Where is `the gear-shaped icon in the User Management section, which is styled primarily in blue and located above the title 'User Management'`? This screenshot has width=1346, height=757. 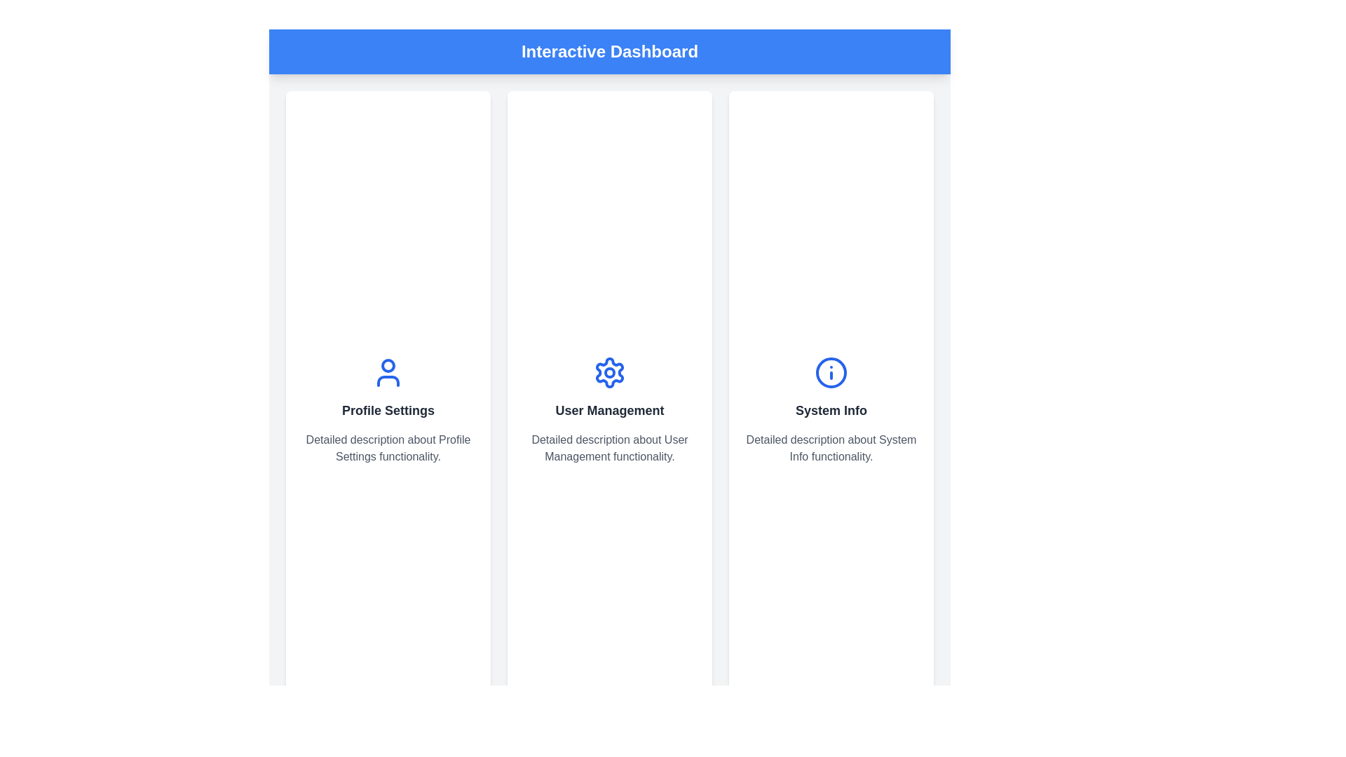 the gear-shaped icon in the User Management section, which is styled primarily in blue and located above the title 'User Management' is located at coordinates (609, 372).